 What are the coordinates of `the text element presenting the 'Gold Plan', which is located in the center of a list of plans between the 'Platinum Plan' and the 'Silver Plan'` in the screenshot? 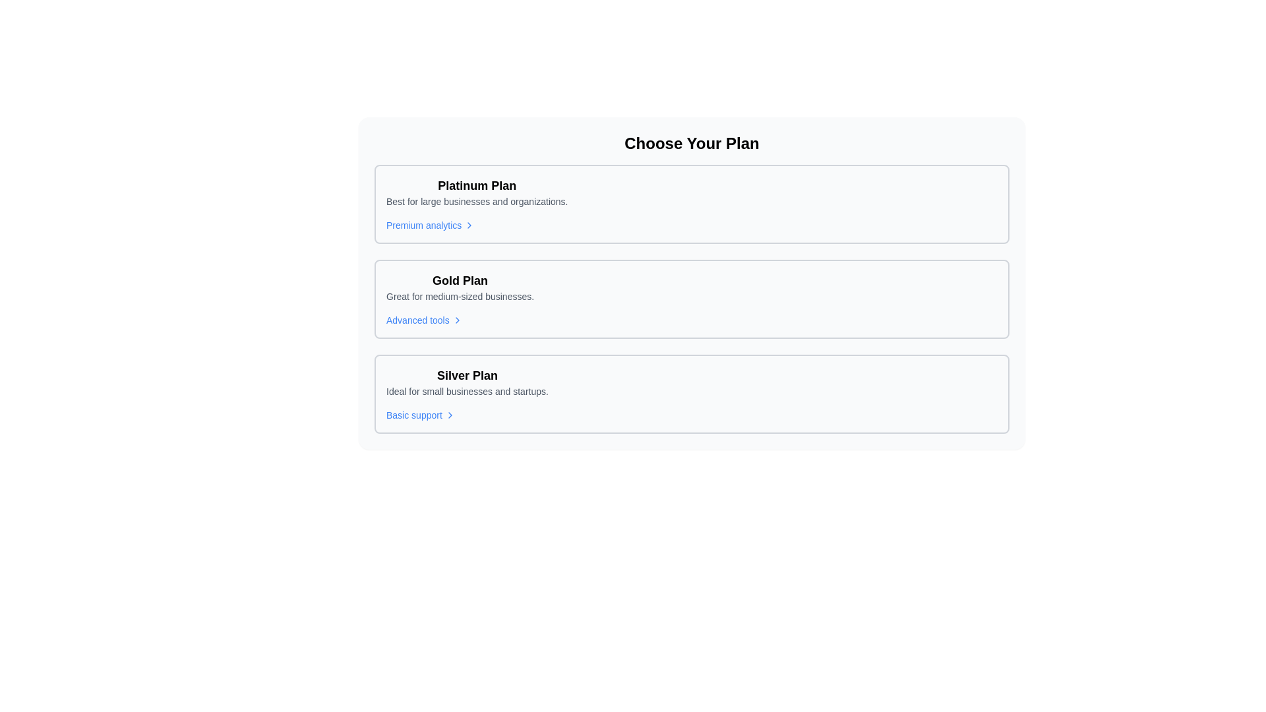 It's located at (460, 286).